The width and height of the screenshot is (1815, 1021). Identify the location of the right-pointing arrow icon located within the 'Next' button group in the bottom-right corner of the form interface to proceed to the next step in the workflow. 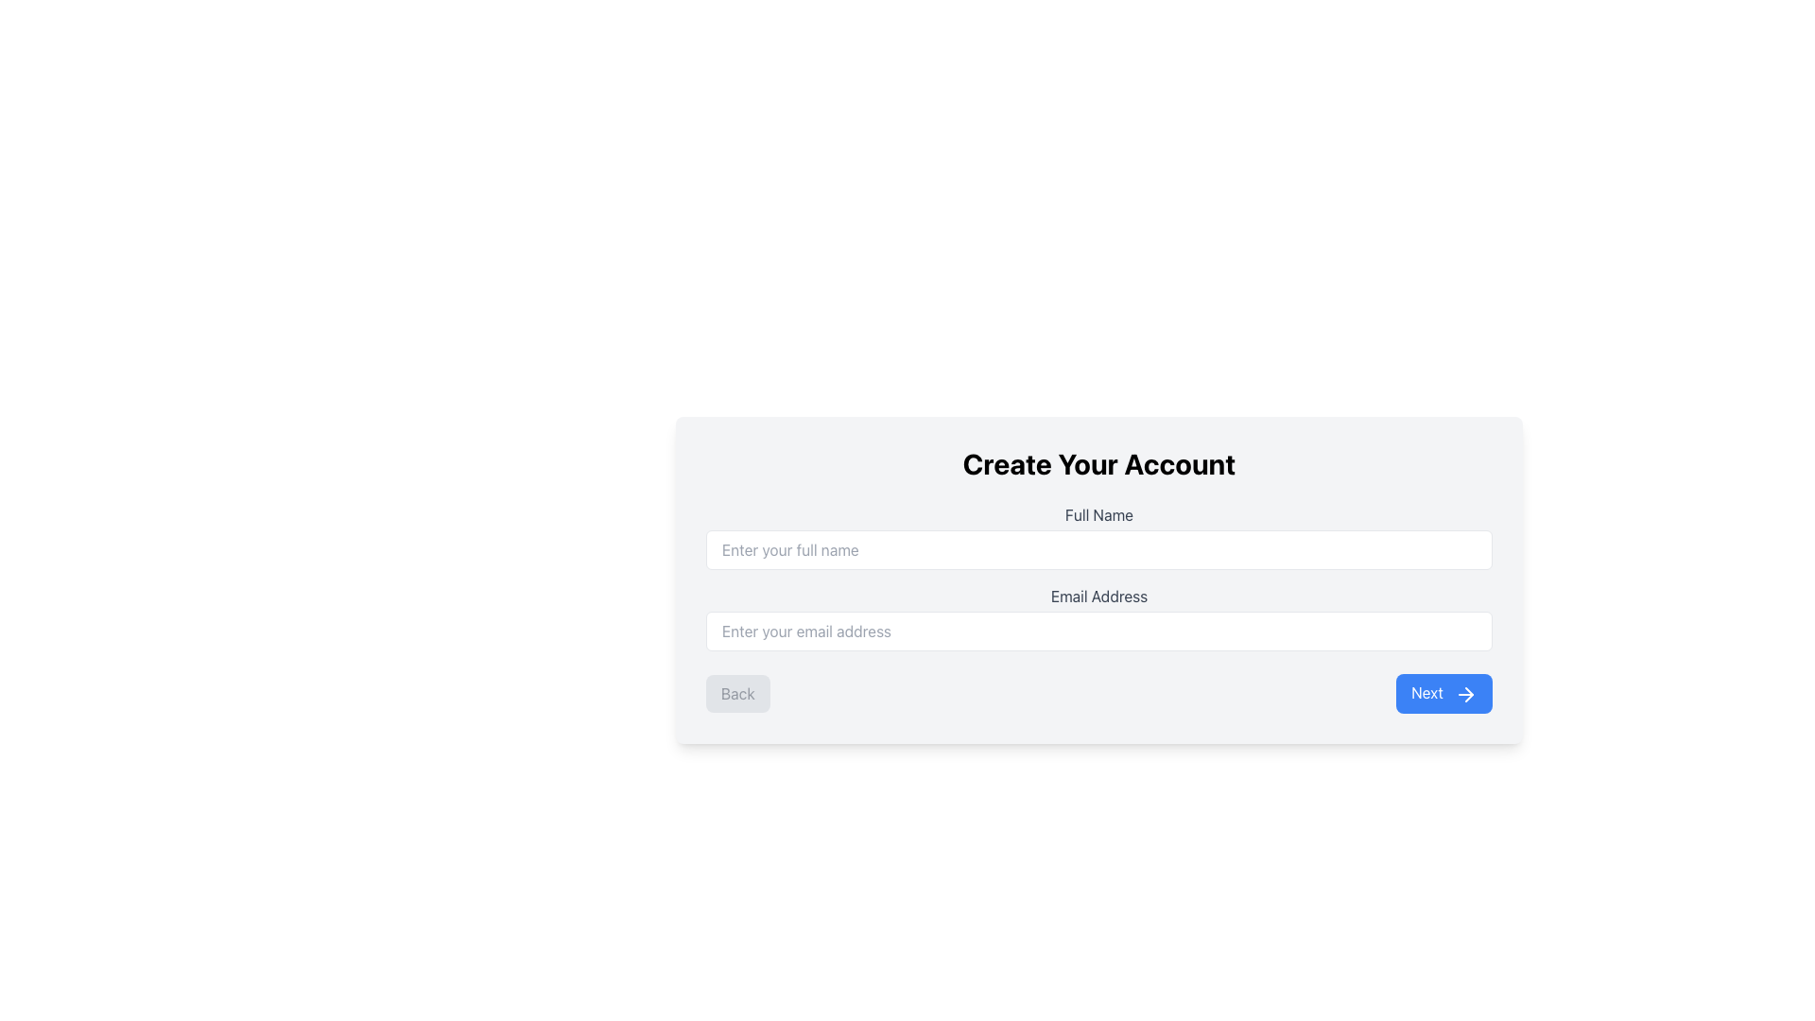
(1468, 694).